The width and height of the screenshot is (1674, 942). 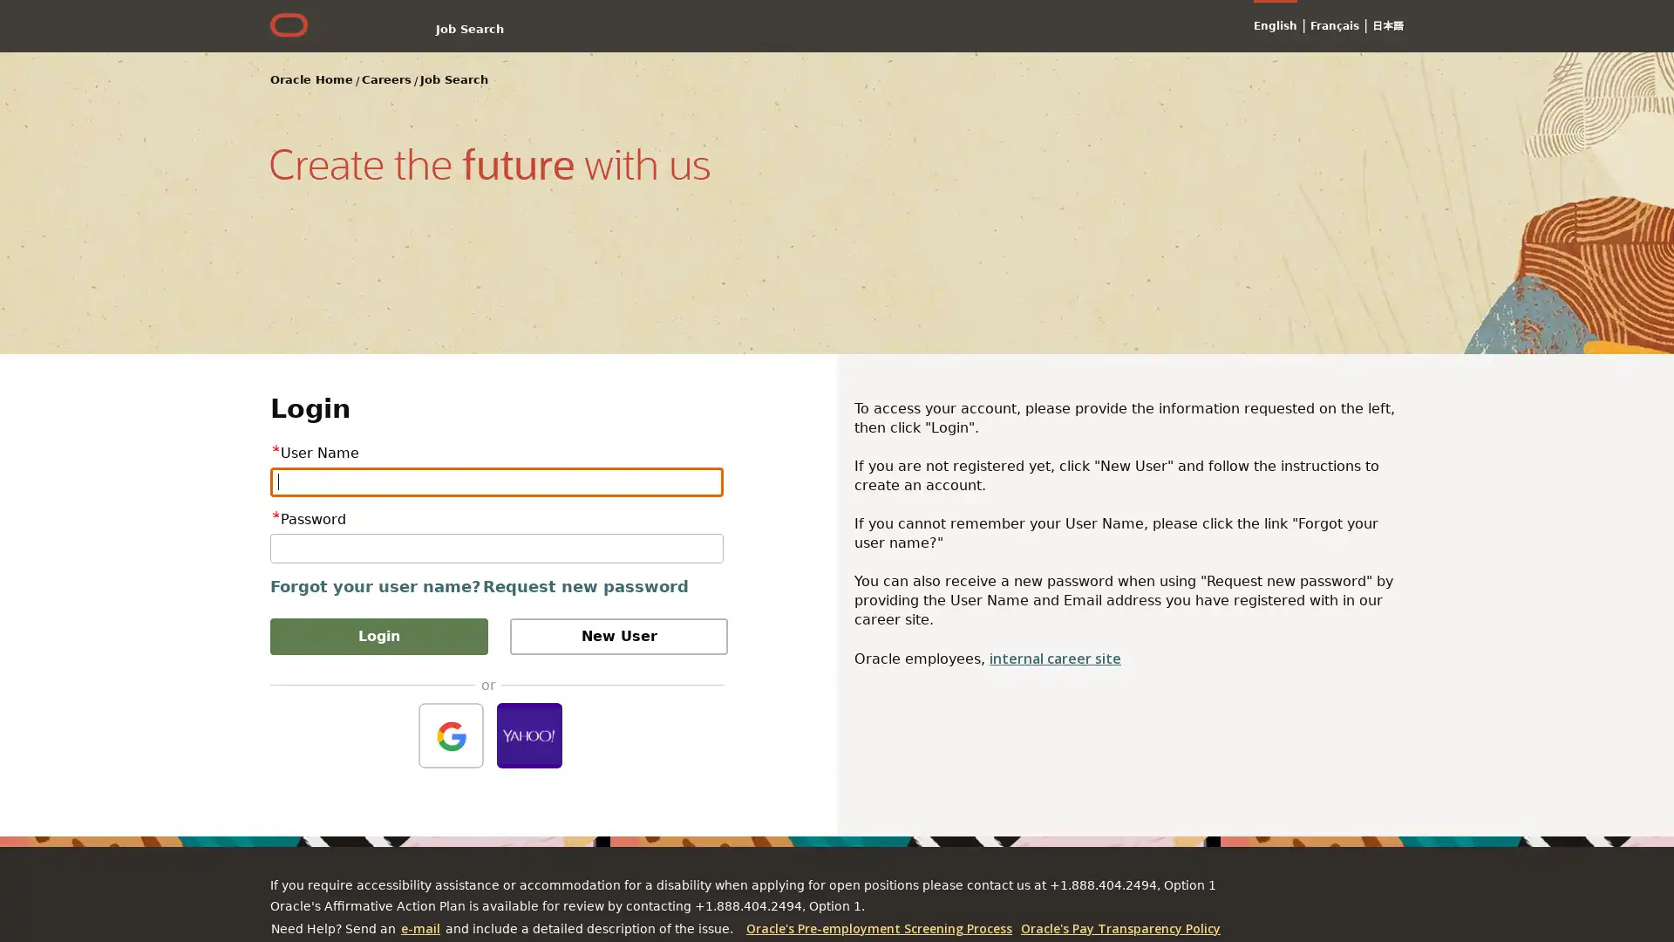 I want to click on New User, so click(x=619, y=636).